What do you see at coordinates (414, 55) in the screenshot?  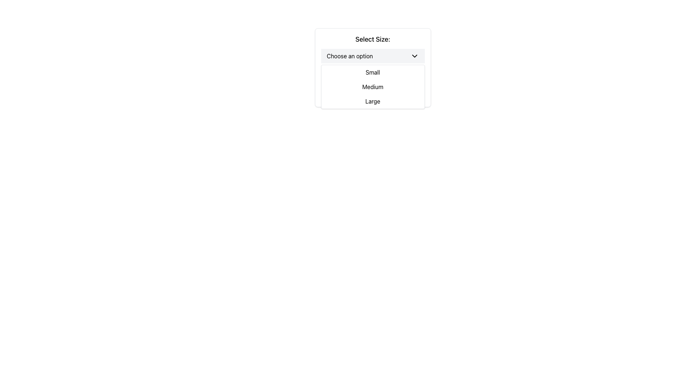 I see `the dropdown menu icon located to the right of the text 'Choose an option'` at bounding box center [414, 55].